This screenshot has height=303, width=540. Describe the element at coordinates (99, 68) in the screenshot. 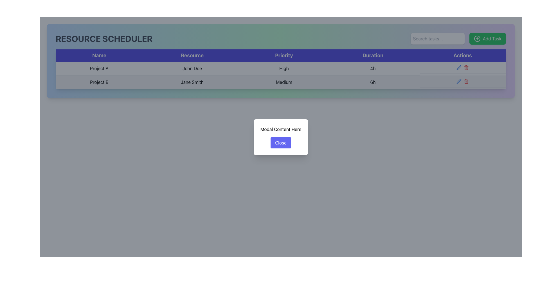

I see `text from the Text label representing the project name in the first column of the top row of the resource scheduling table under the 'Name' header` at that location.